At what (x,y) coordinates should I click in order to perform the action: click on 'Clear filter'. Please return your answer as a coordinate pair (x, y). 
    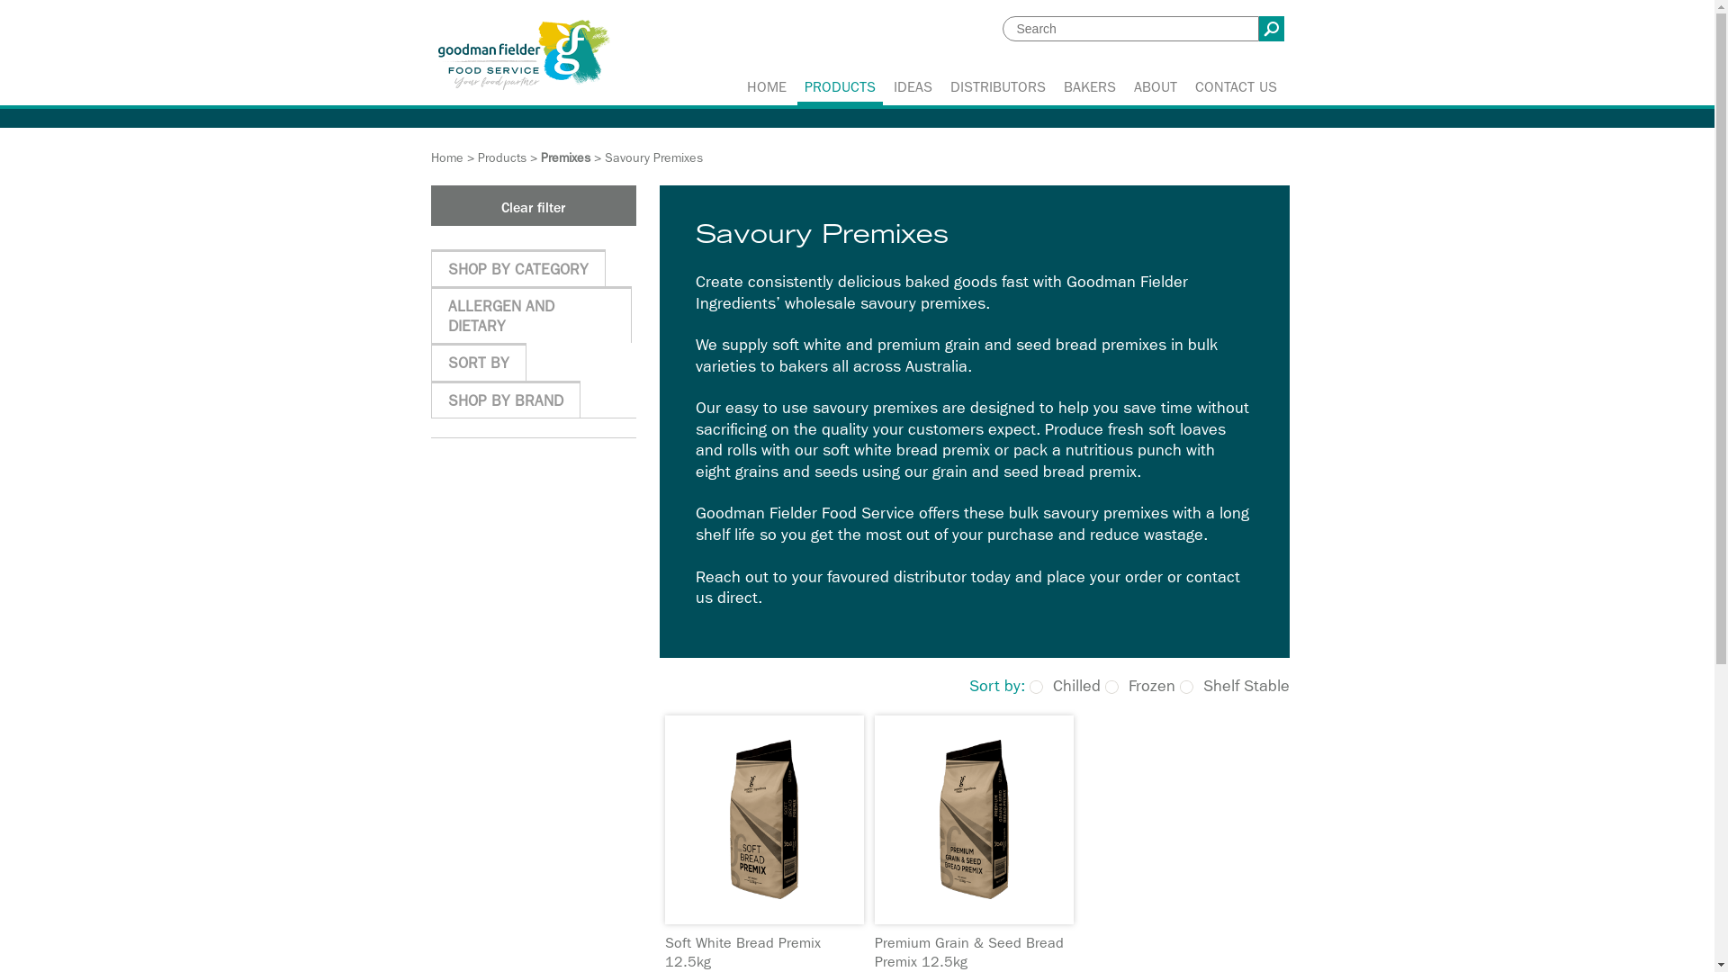
    Looking at the image, I should click on (531, 204).